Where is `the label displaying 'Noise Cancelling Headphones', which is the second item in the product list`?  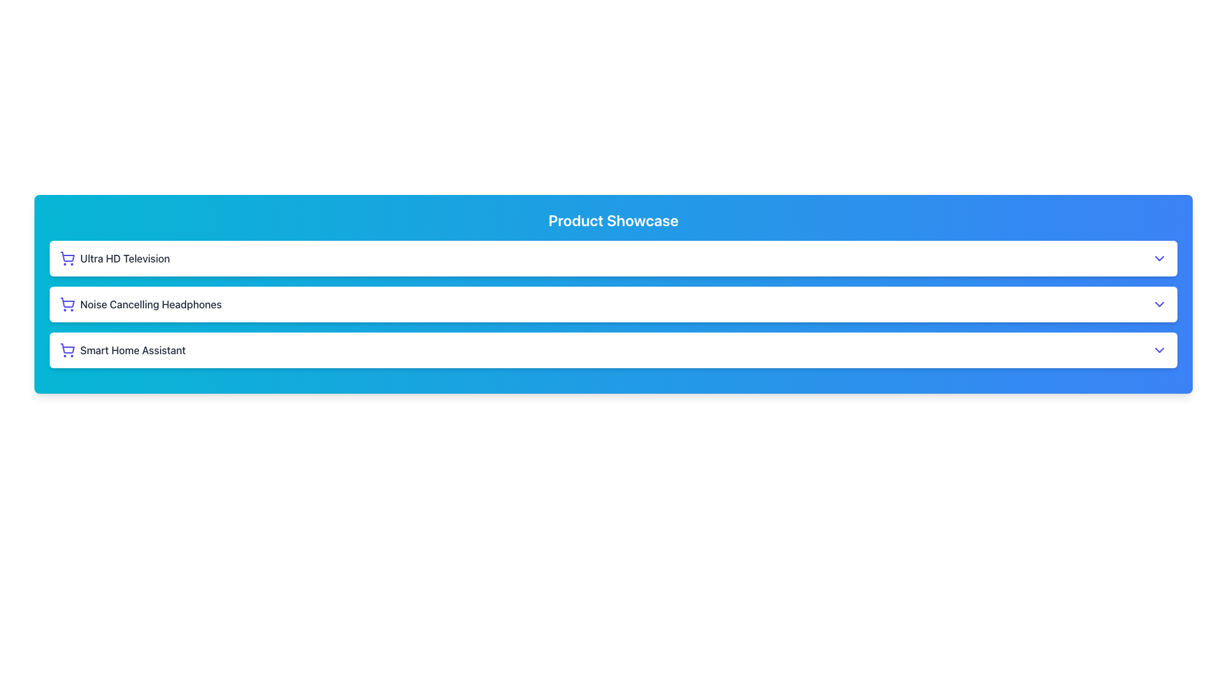
the label displaying 'Noise Cancelling Headphones', which is the second item in the product list is located at coordinates (140, 305).